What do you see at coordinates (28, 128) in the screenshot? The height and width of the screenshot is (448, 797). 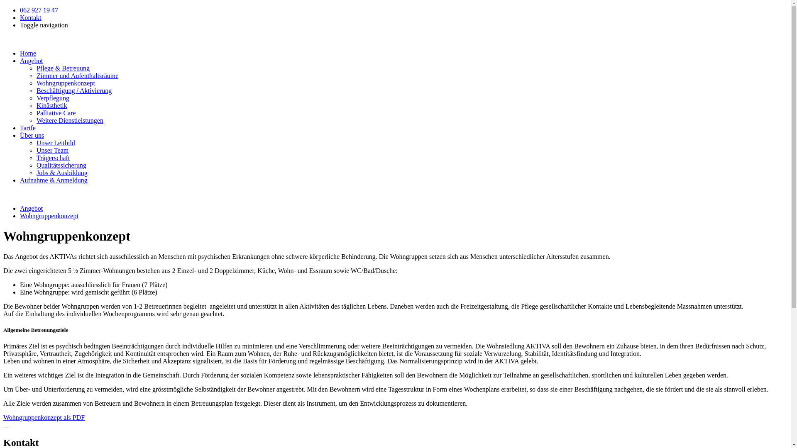 I see `'Tarife'` at bounding box center [28, 128].